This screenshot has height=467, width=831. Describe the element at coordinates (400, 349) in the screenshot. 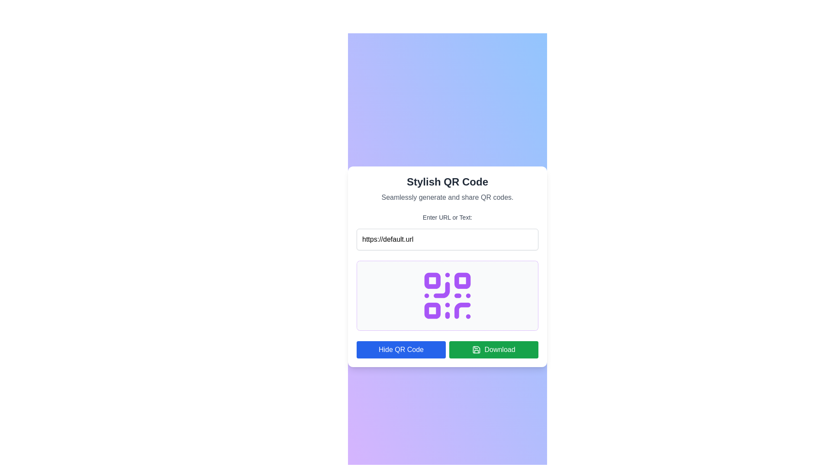

I see `the blue 'Hide QR Code' button with white text located below the QR code display area, on the left side of a two-button layout` at that location.